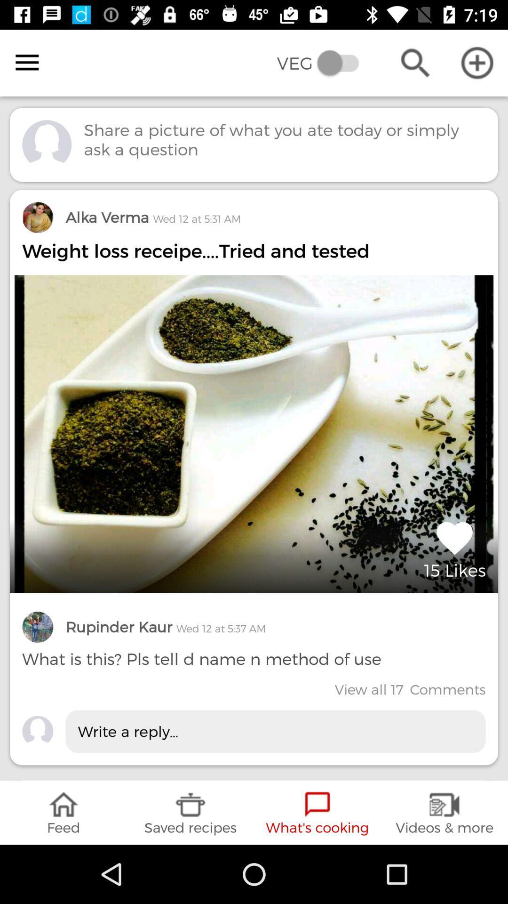  Describe the element at coordinates (63, 812) in the screenshot. I see `item next to the saved recipes icon` at that location.